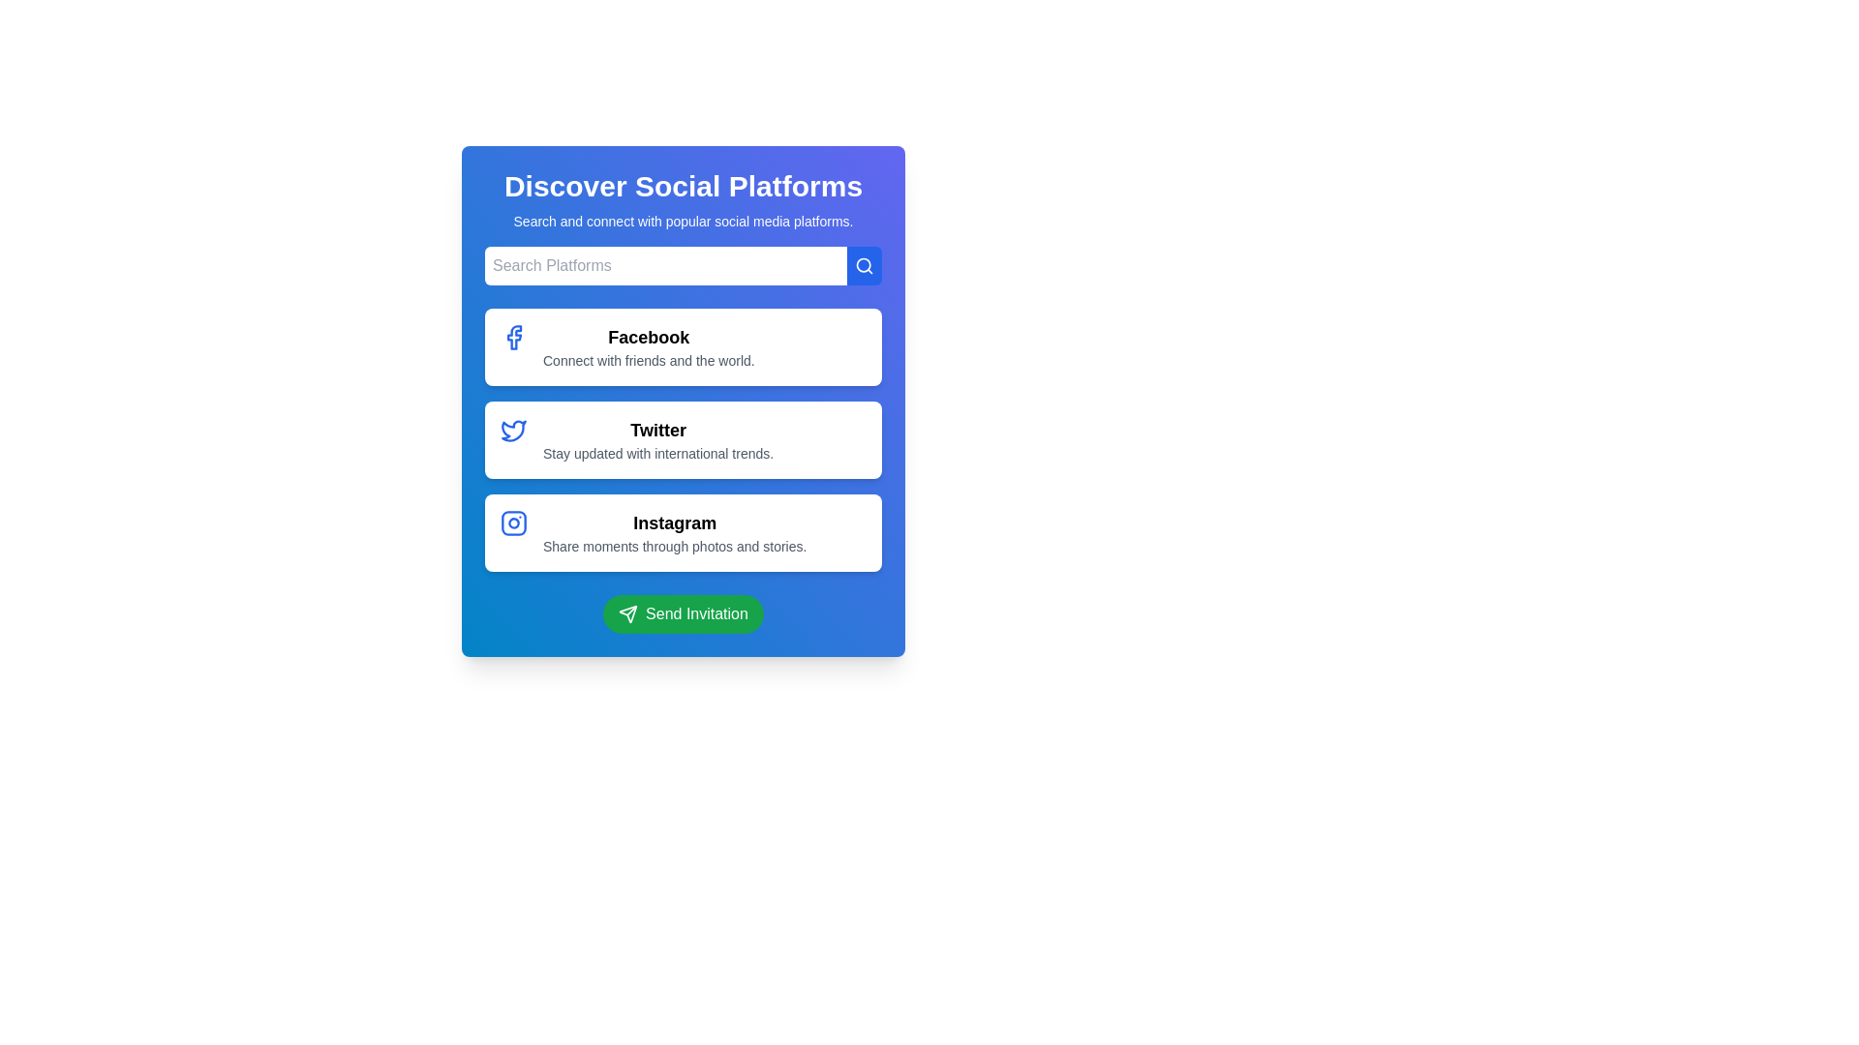 The width and height of the screenshot is (1859, 1045). I want to click on the representation of the circular SVG graphic that serves as the decorative part of the search icon, located at the center of the magnifying glass icon in the search input field, so click(863, 265).